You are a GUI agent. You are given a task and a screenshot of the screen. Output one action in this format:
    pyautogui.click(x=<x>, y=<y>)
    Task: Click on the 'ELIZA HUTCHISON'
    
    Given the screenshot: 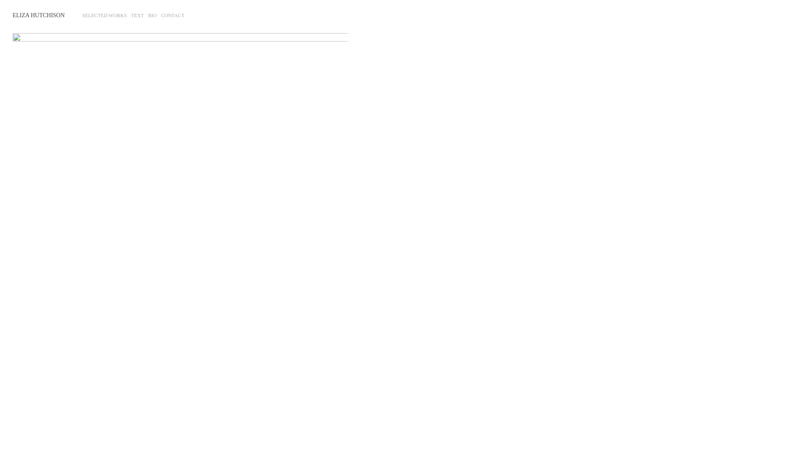 What is the action you would take?
    pyautogui.click(x=38, y=15)
    